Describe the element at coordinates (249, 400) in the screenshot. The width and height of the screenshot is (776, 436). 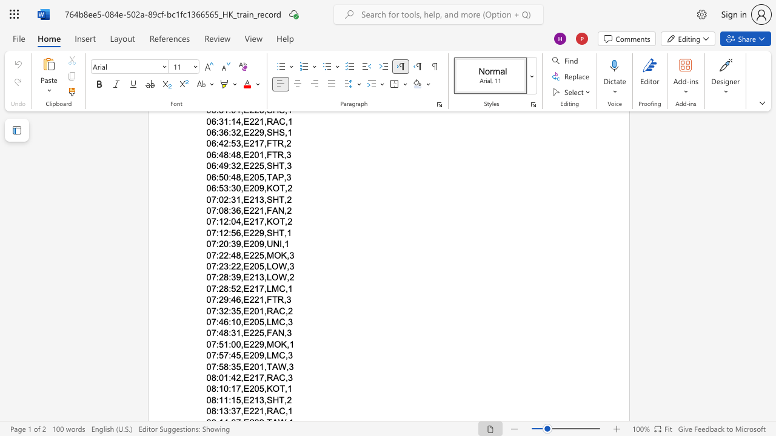
I see `the subset text "21" within the text "08:11:15,E213,SHT,2"` at that location.